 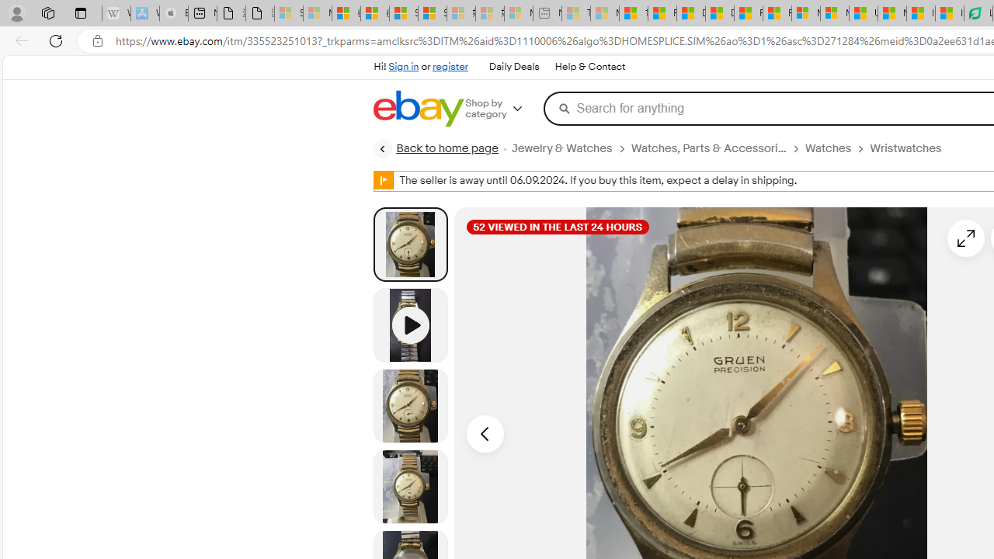 I want to click on 'Picture 1 of 13', so click(x=410, y=244).